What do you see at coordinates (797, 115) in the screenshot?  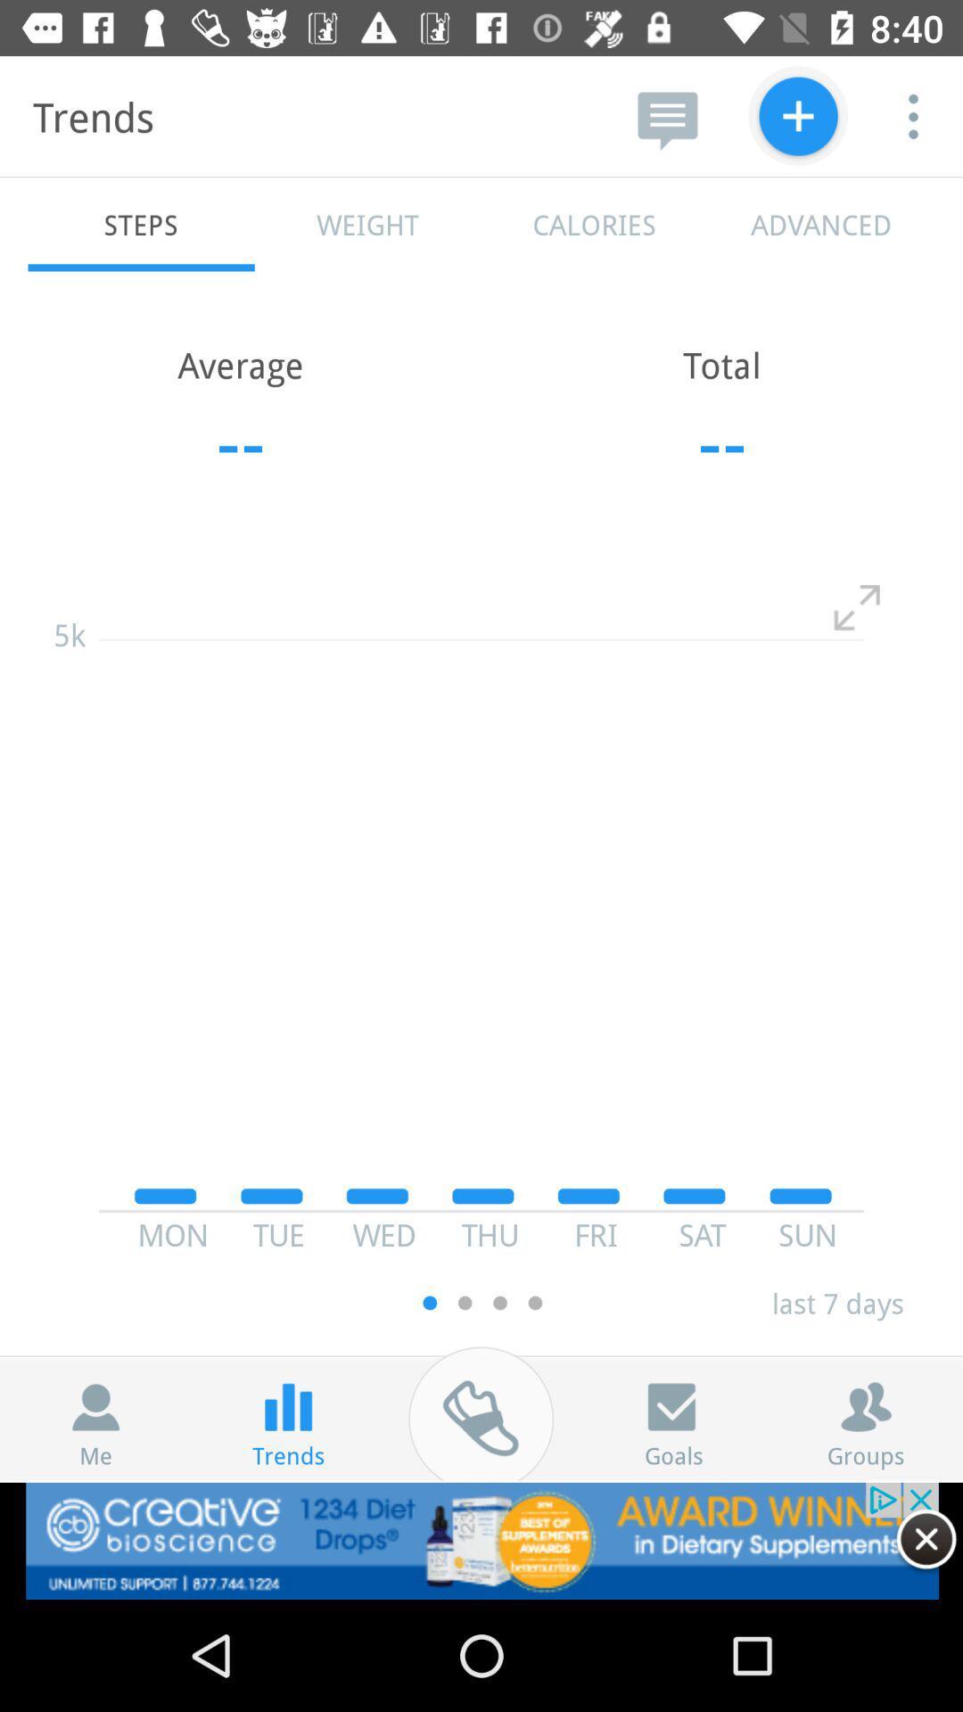 I see `the add icon` at bounding box center [797, 115].